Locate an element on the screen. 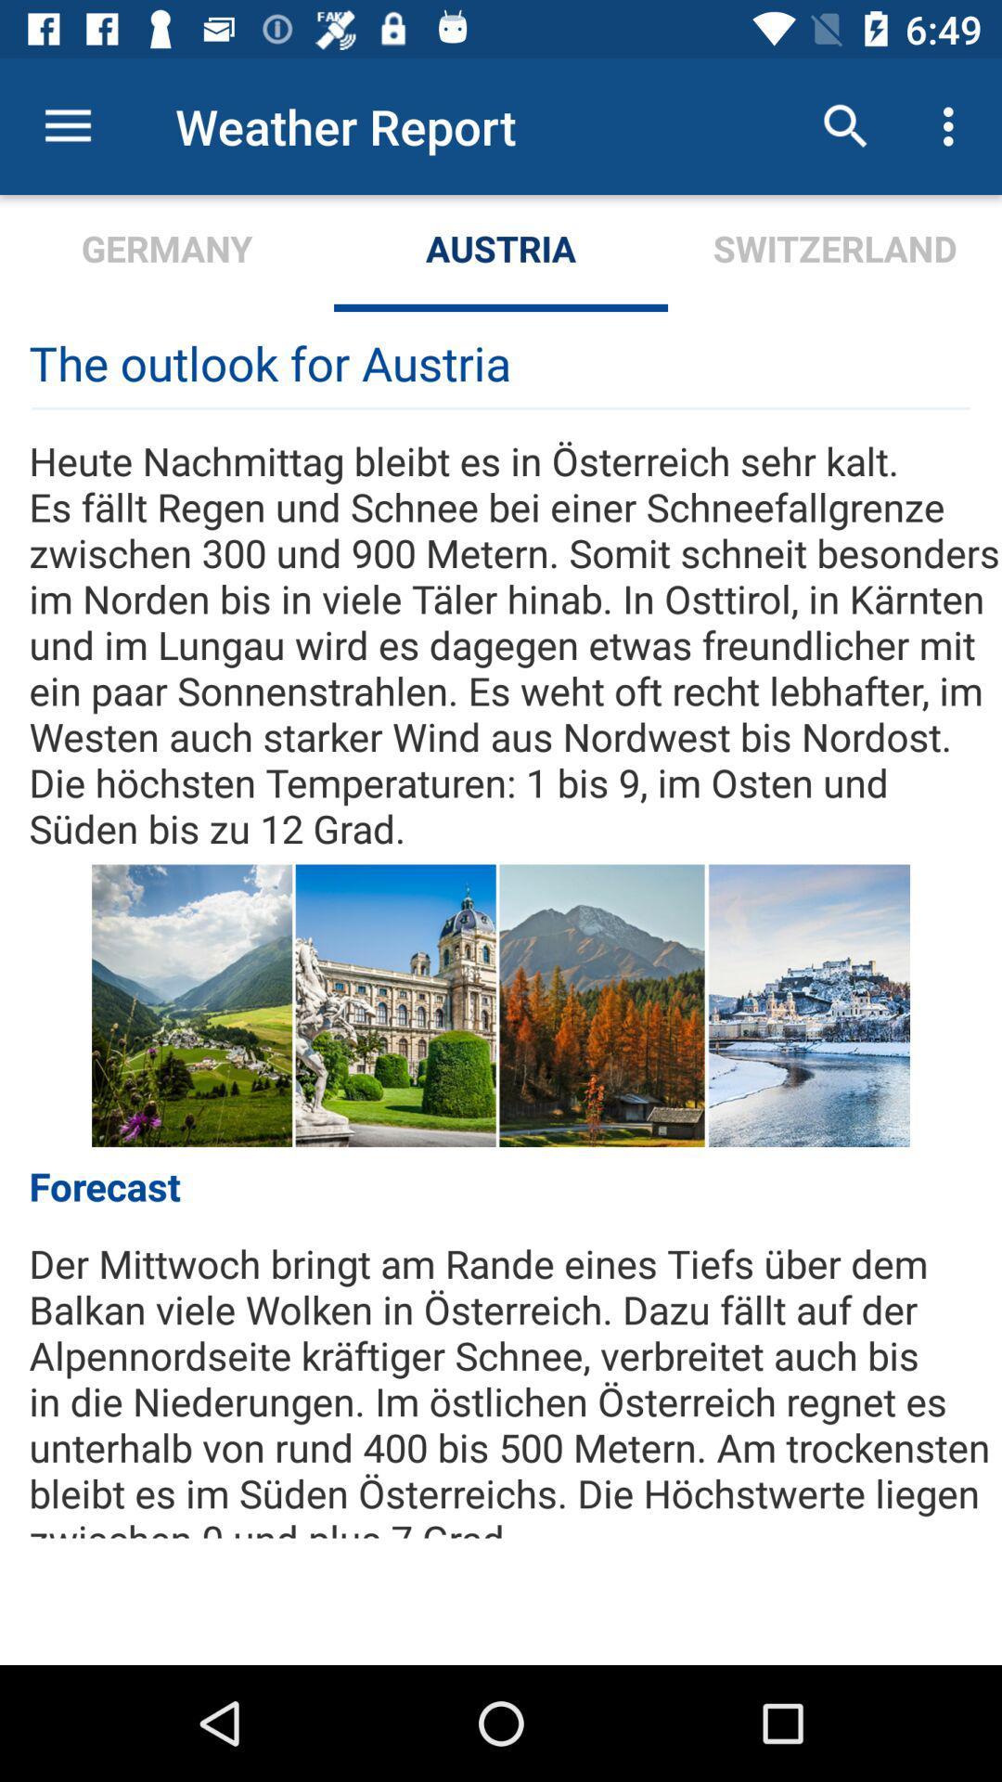  the item above switzerland icon is located at coordinates (845, 125).